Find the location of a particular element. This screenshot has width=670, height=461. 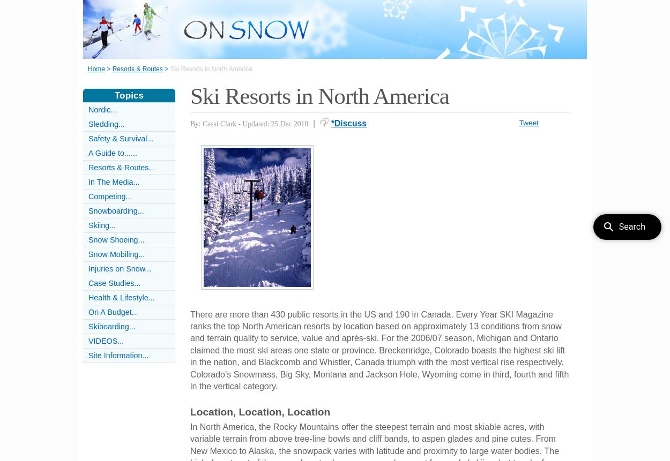

'Topics' is located at coordinates (128, 95).